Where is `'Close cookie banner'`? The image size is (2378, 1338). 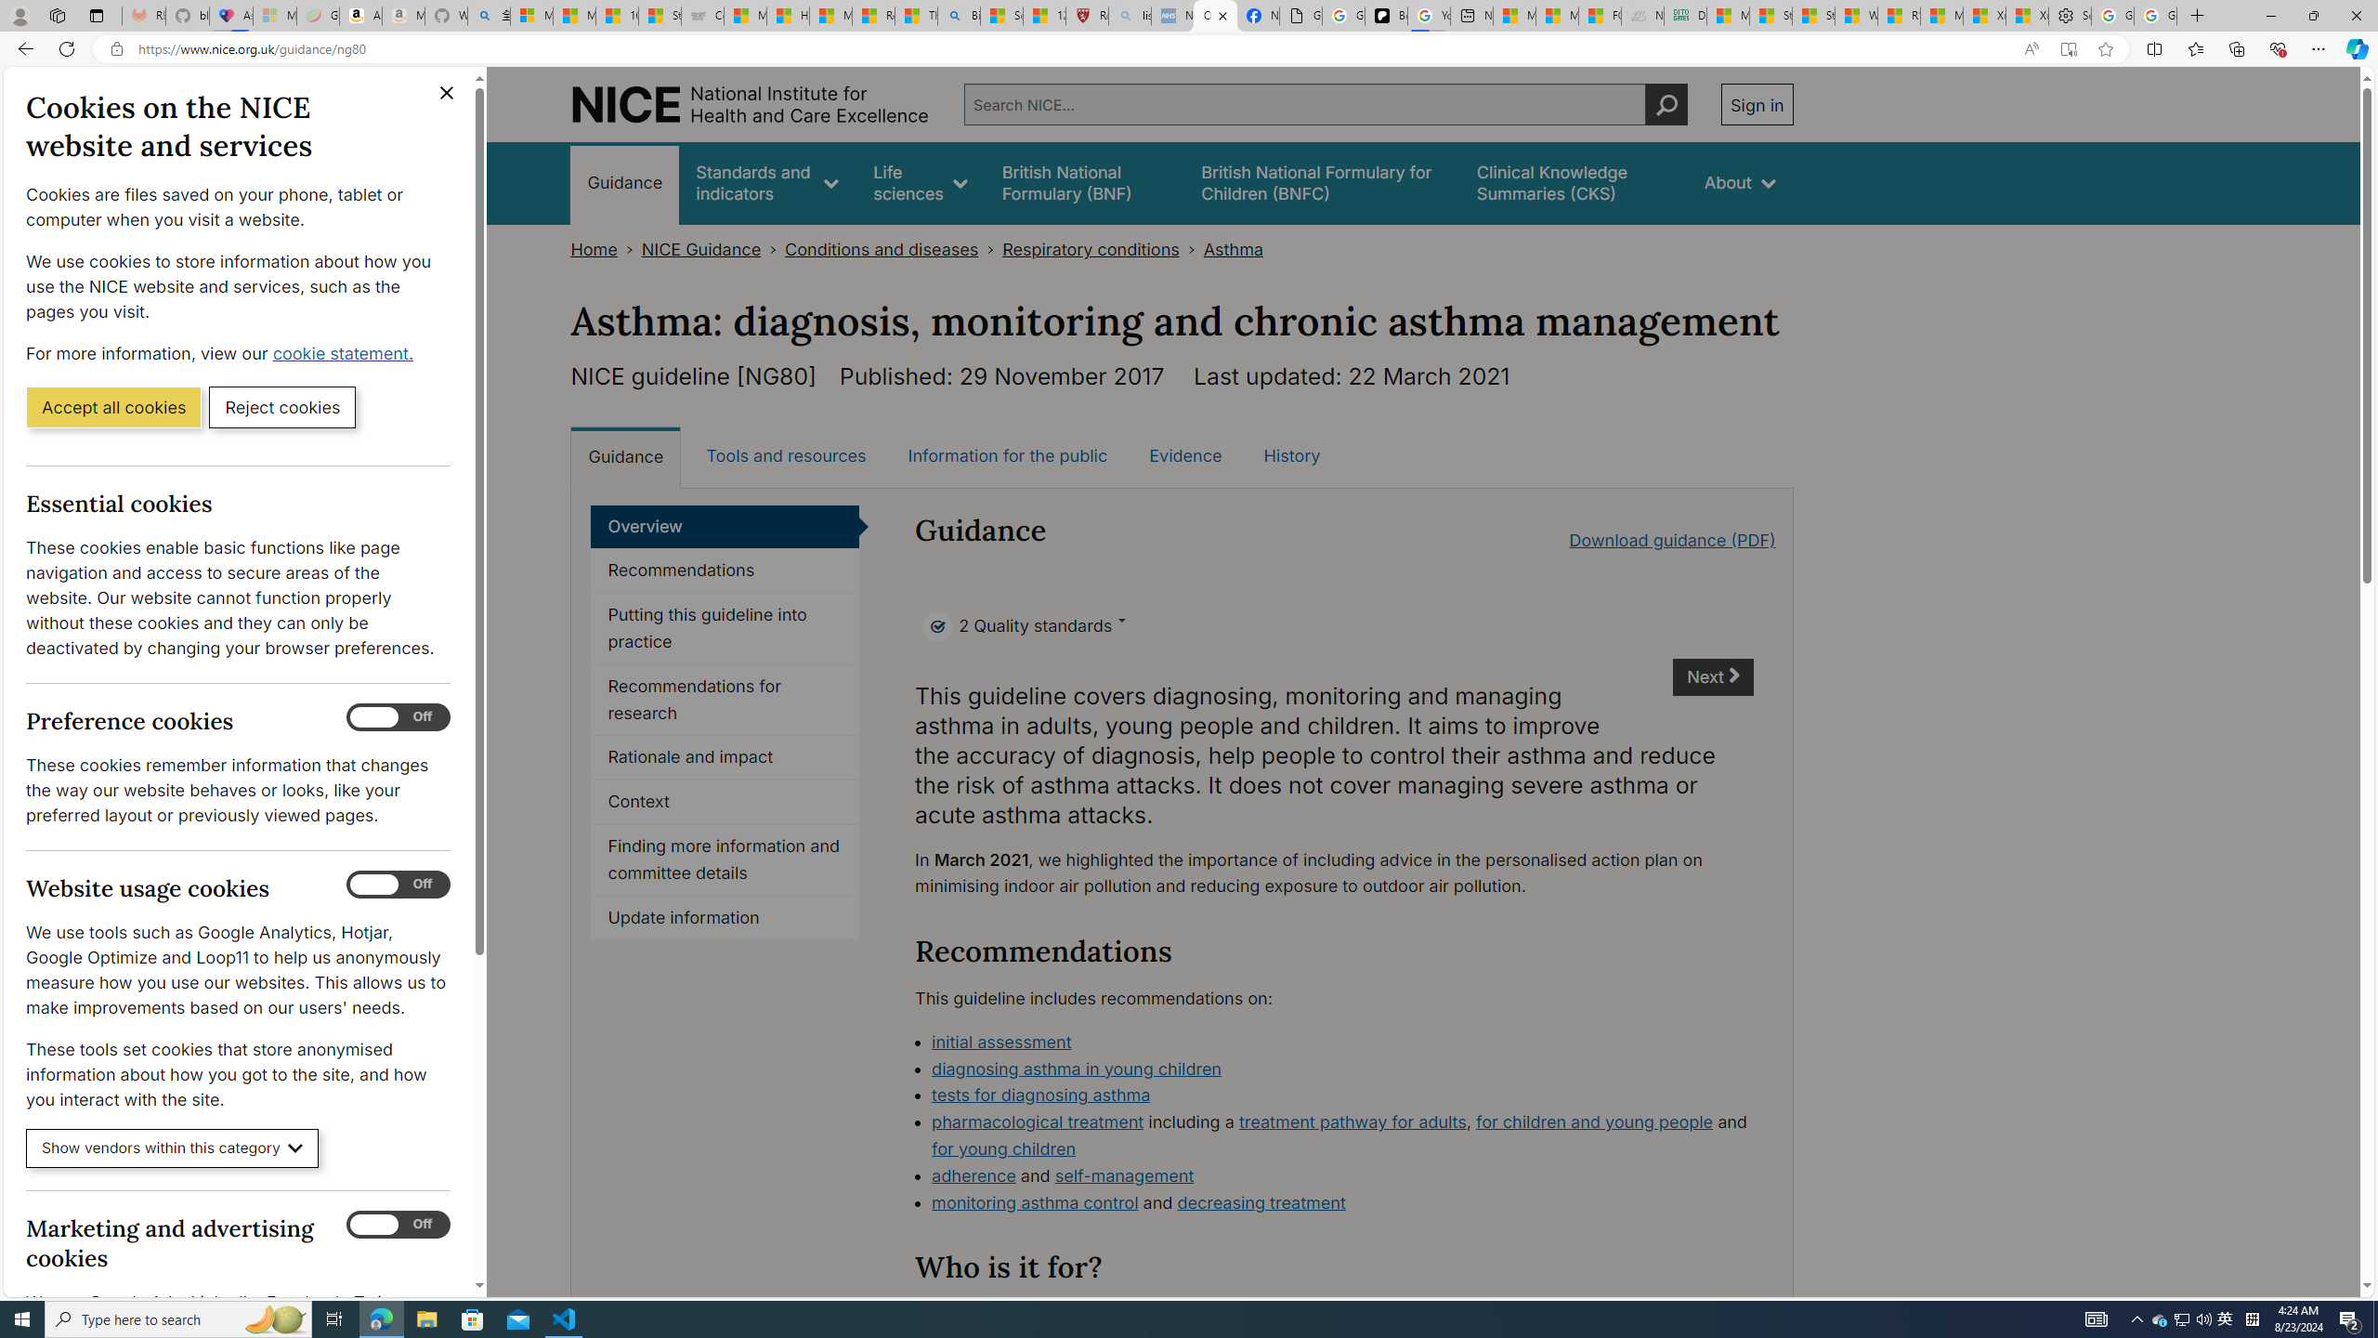 'Close cookie banner' is located at coordinates (447, 92).